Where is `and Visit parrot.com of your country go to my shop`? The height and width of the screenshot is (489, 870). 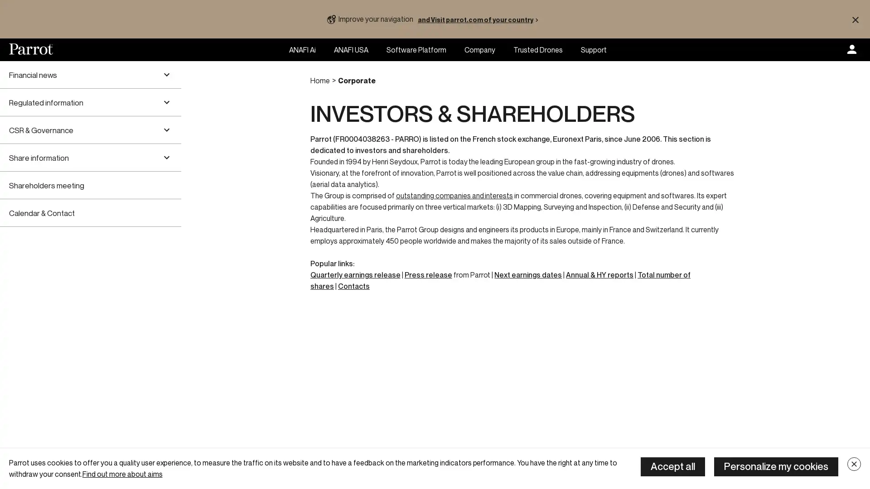
and Visit parrot.com of your country go to my shop is located at coordinates (479, 19).